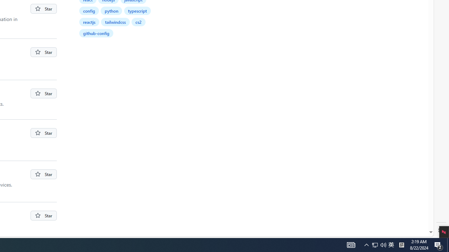  I want to click on 'tailwindcss', so click(116, 21).